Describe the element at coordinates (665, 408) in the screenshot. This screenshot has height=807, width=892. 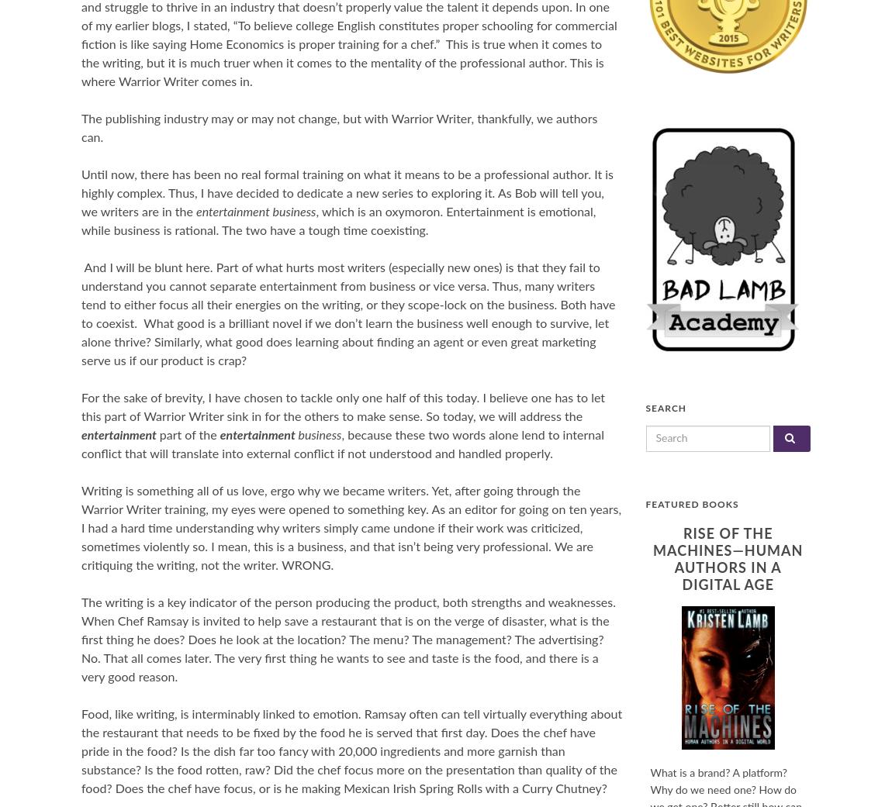
I see `'Search'` at that location.